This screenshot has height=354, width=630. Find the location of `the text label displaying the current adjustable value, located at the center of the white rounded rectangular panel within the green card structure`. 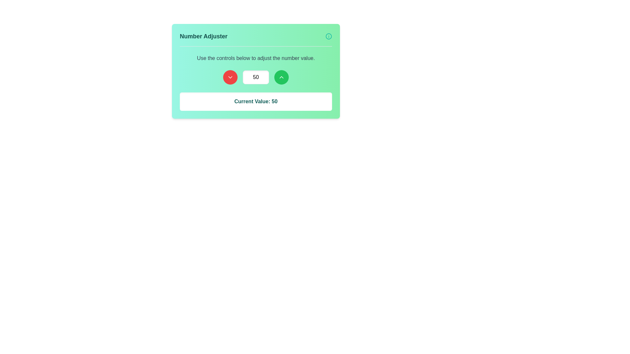

the text label displaying the current adjustable value, located at the center of the white rounded rectangular panel within the green card structure is located at coordinates (255, 101).